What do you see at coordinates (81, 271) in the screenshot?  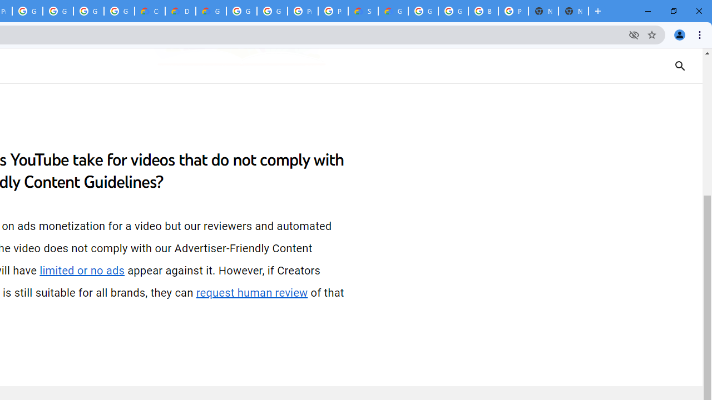 I see `'limited or no ads'` at bounding box center [81, 271].